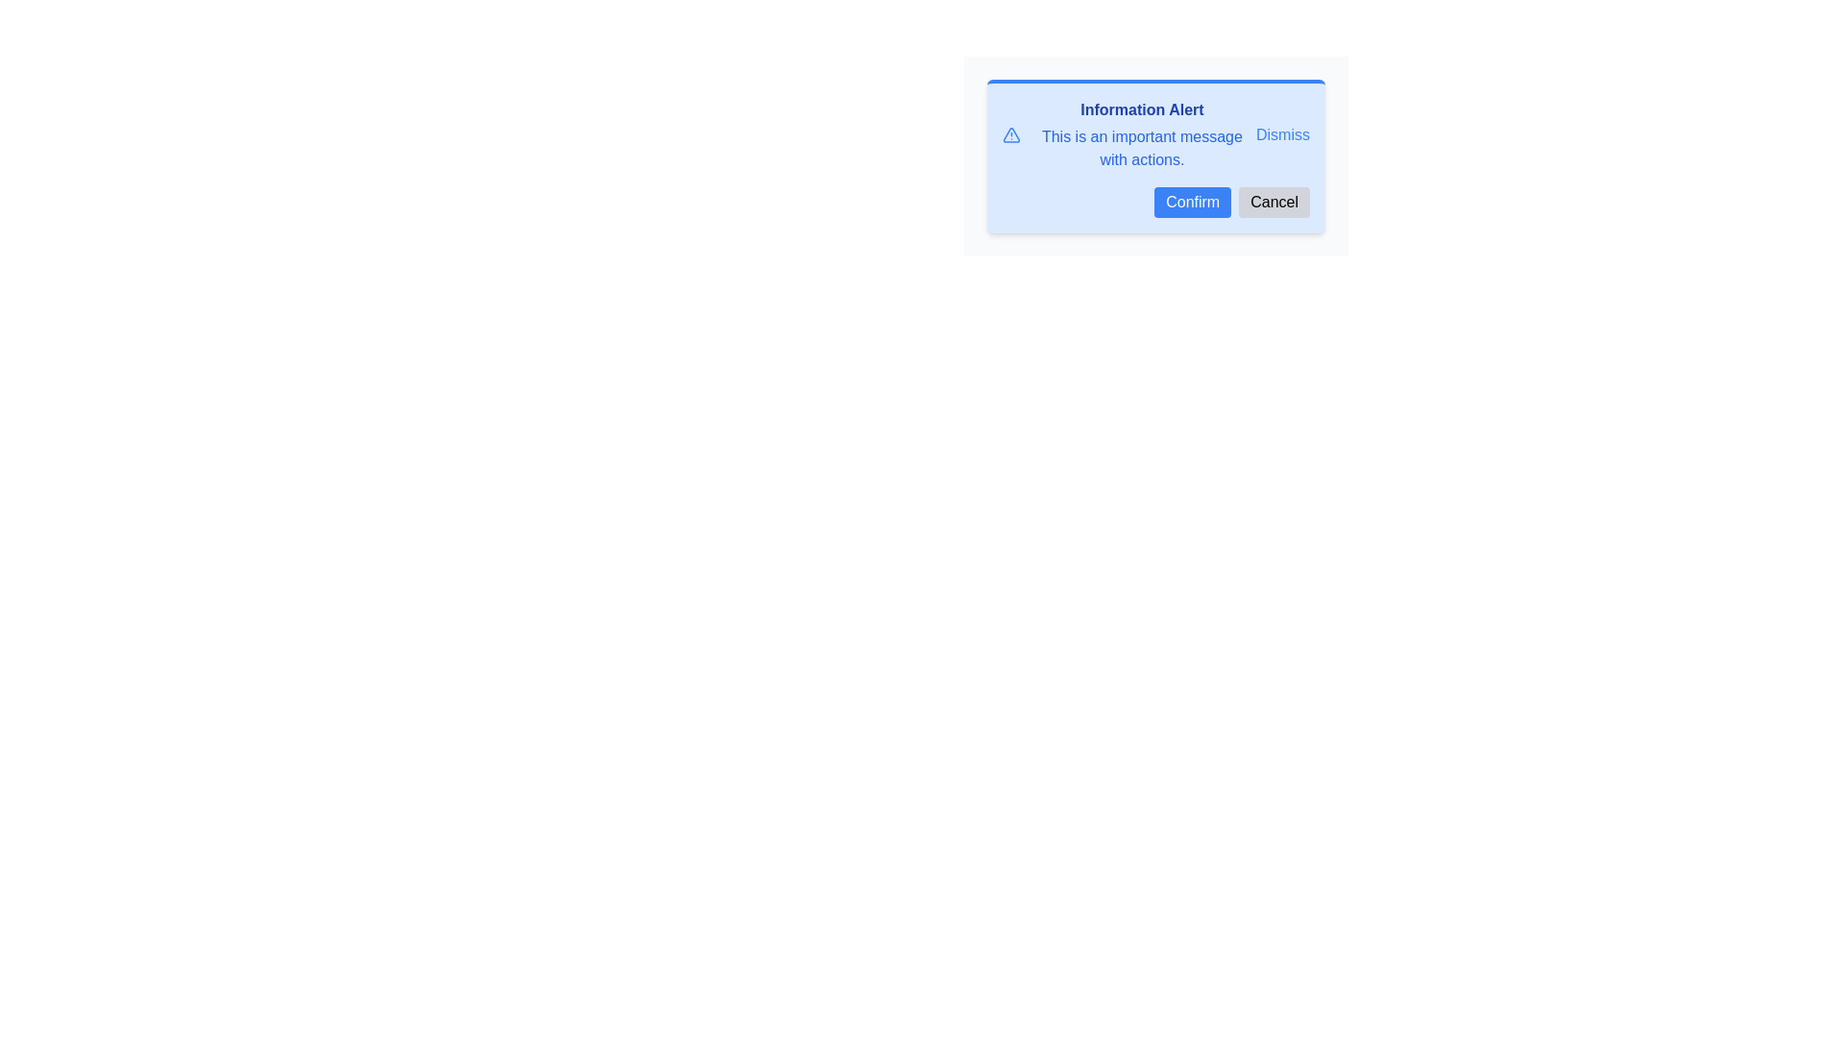 The width and height of the screenshot is (1844, 1037). I want to click on the 'Dismiss' text link in the top-right corner of the notification interface, so click(1282, 134).